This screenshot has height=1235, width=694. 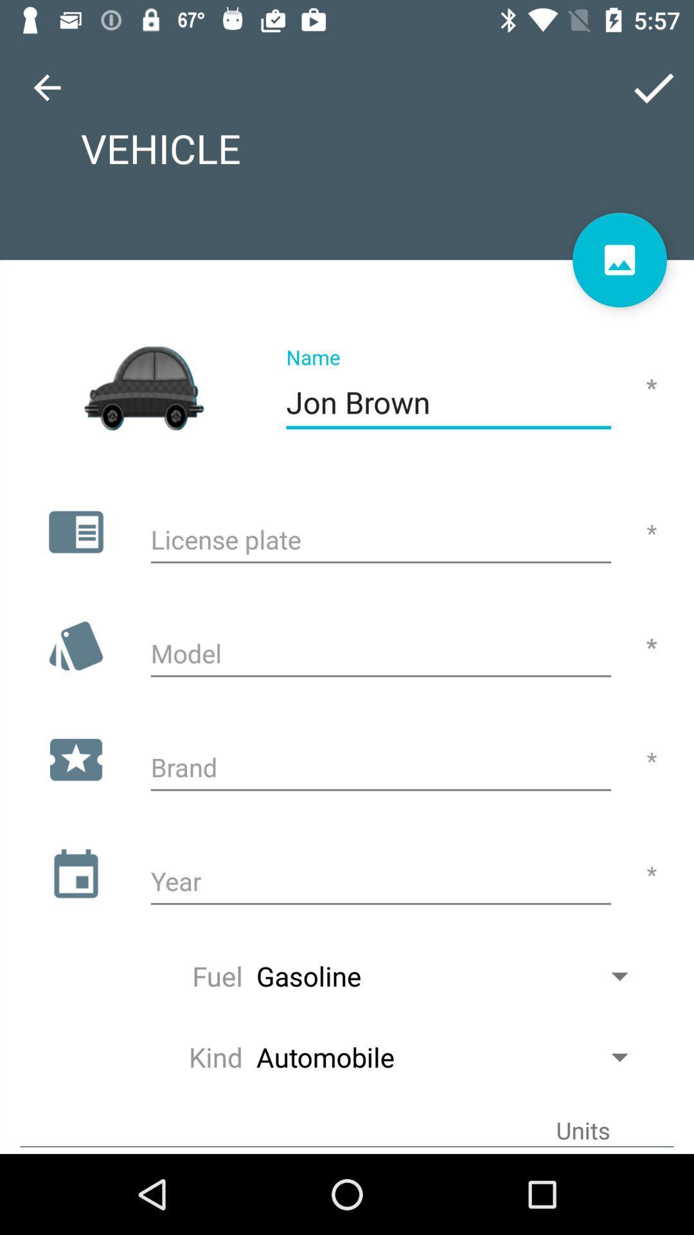 What do you see at coordinates (619, 259) in the screenshot?
I see `share the article` at bounding box center [619, 259].